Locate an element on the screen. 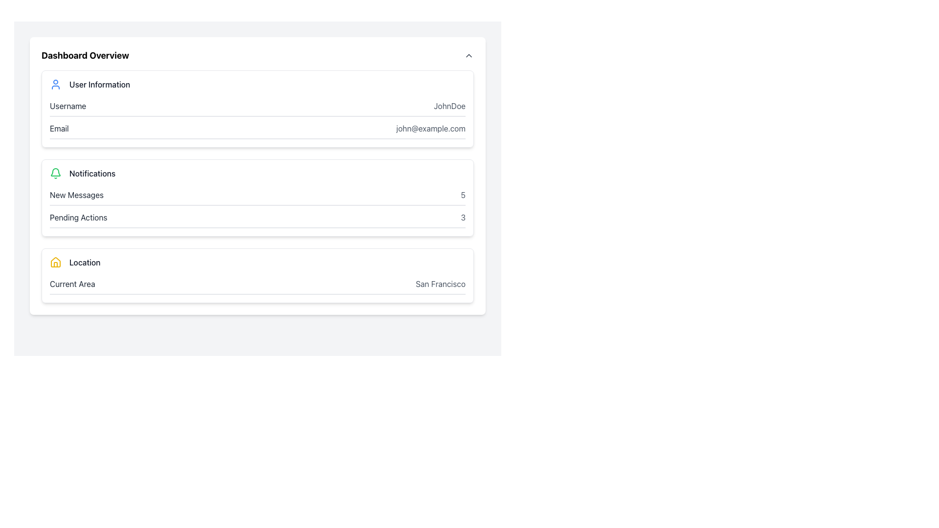 This screenshot has height=528, width=939. the label element that describes the user's entered username, located in the 'User Information' section of the dashboard interface is located at coordinates (67, 106).